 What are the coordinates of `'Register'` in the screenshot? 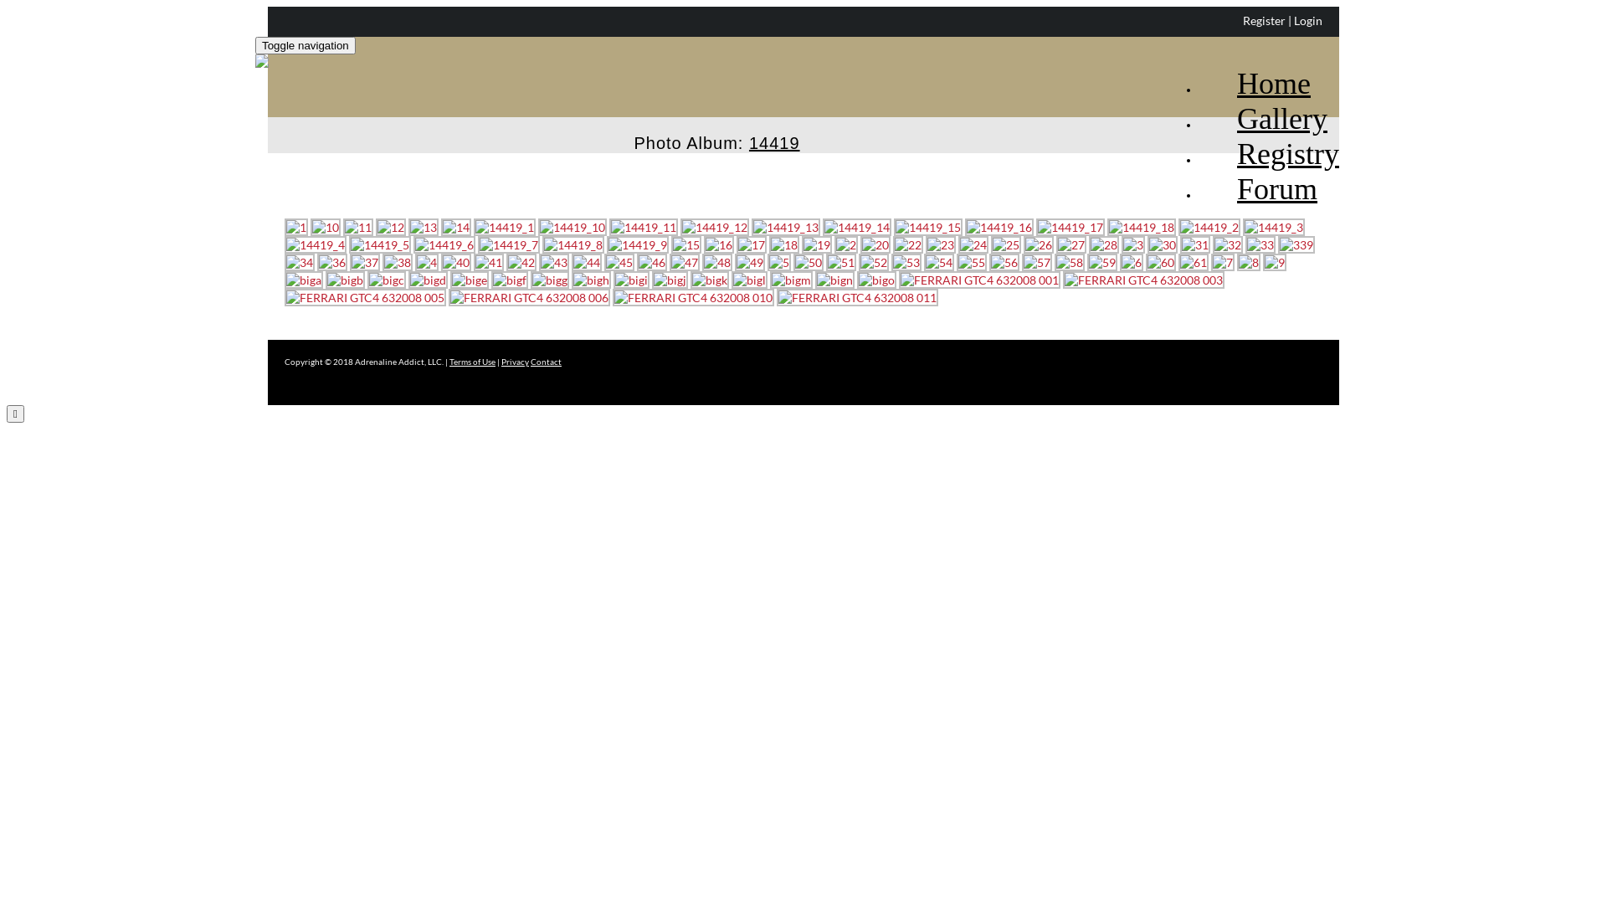 It's located at (1264, 20).